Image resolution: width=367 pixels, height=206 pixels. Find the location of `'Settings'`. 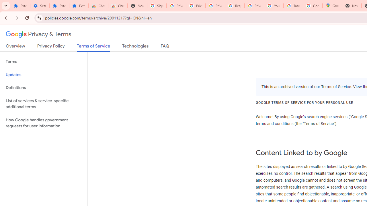

'Settings' is located at coordinates (39, 6).